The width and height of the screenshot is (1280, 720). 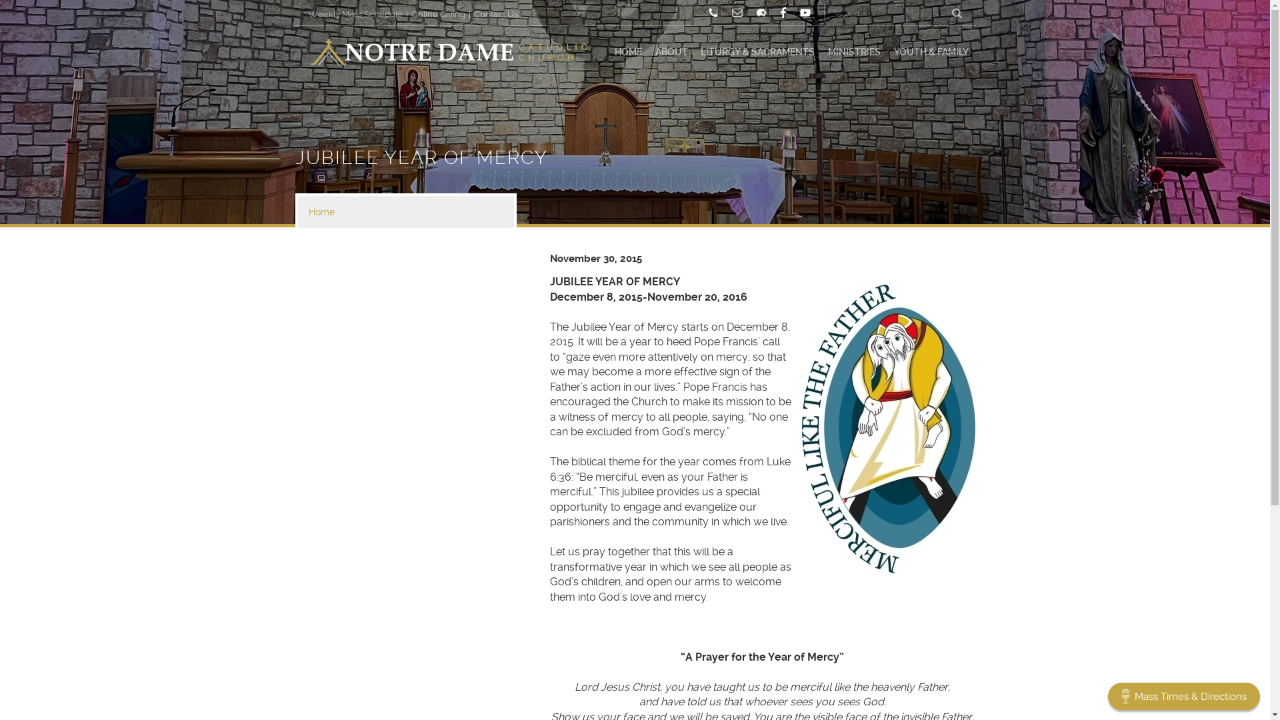 I want to click on 'MINISTRIES', so click(x=854, y=51).